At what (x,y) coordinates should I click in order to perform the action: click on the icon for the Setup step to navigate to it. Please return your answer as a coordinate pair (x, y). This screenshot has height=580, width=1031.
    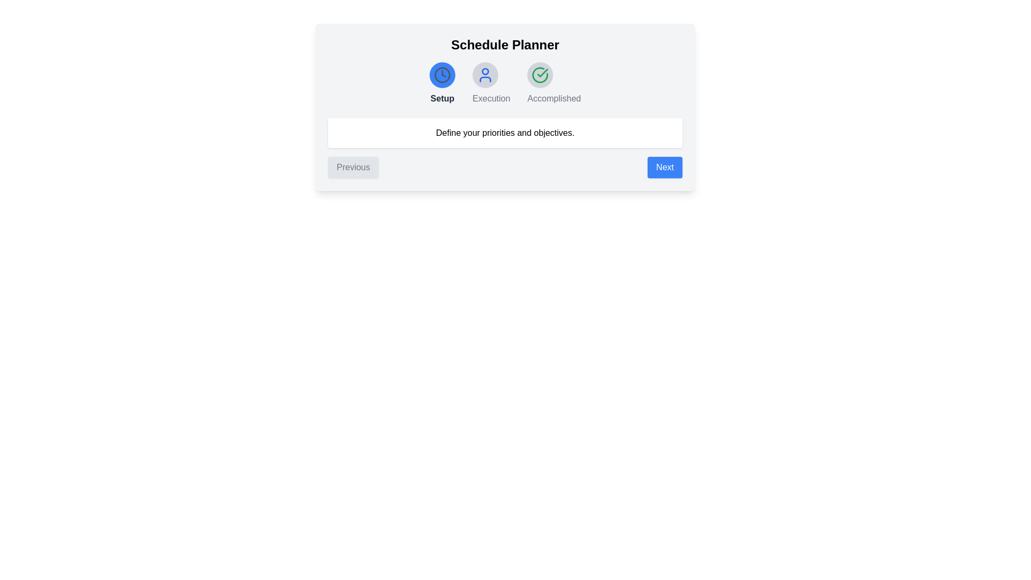
    Looking at the image, I should click on (442, 74).